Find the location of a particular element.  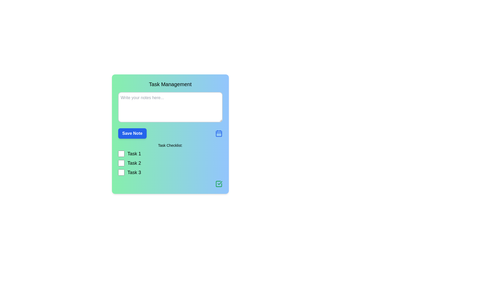

descriptive Text label located in the 'Task Management' panel, positioned above the checkboxes for tasks 1 through 3 is located at coordinates (170, 145).